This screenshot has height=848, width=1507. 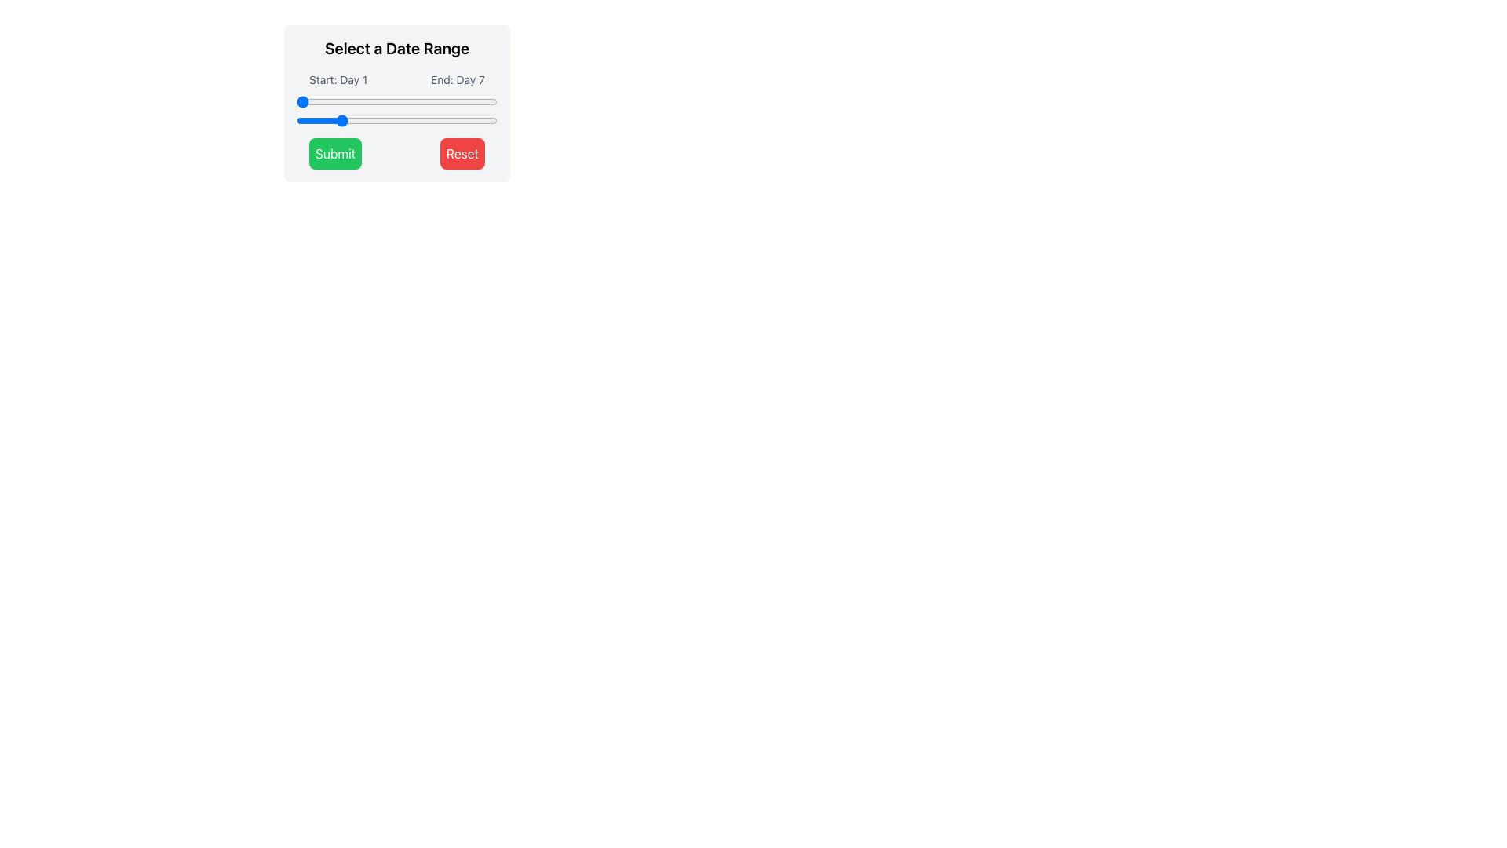 What do you see at coordinates (414, 102) in the screenshot?
I see `the slider` at bounding box center [414, 102].